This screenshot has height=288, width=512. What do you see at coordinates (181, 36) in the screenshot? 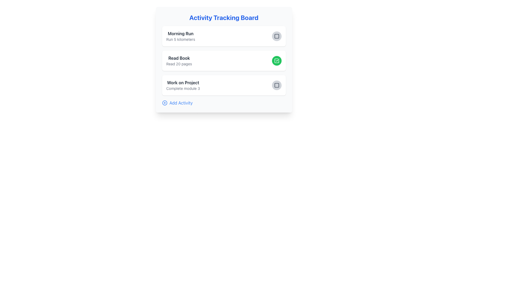
I see `the text element displaying activity information, which includes 'Morning Run' in bold and 'Run 5 kilometers' in smaller font, located in the 'Activity Tracking Board'` at bounding box center [181, 36].